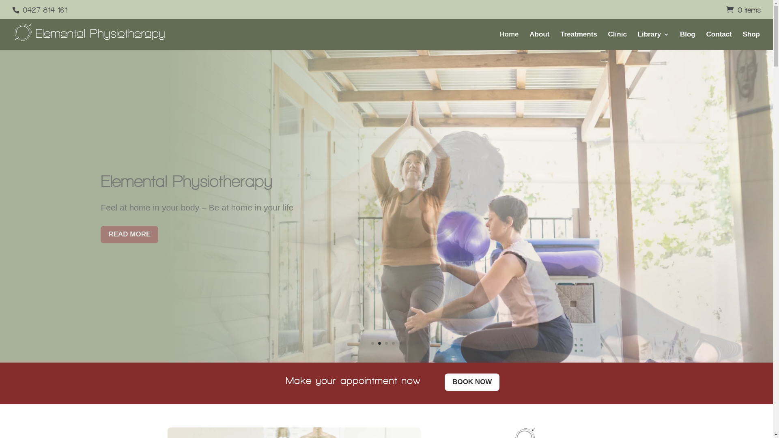  What do you see at coordinates (617, 41) in the screenshot?
I see `'Clinic'` at bounding box center [617, 41].